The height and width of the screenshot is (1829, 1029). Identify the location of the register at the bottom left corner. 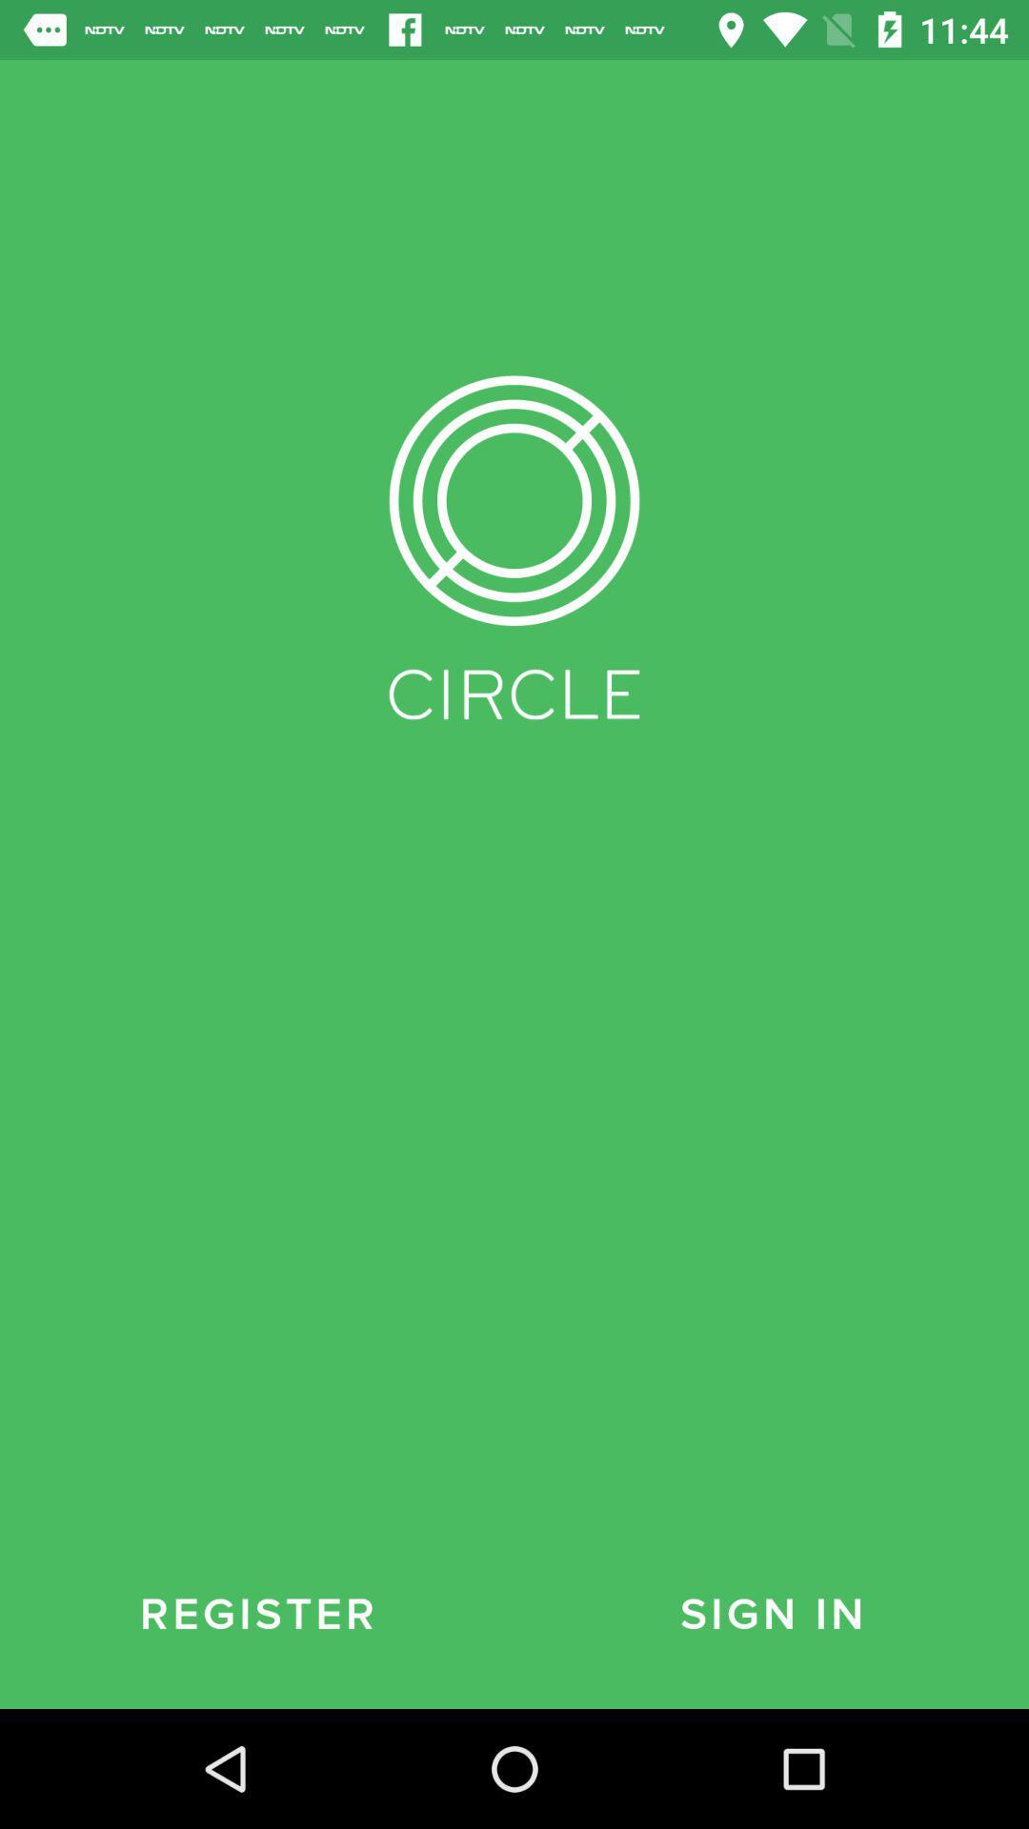
(257, 1614).